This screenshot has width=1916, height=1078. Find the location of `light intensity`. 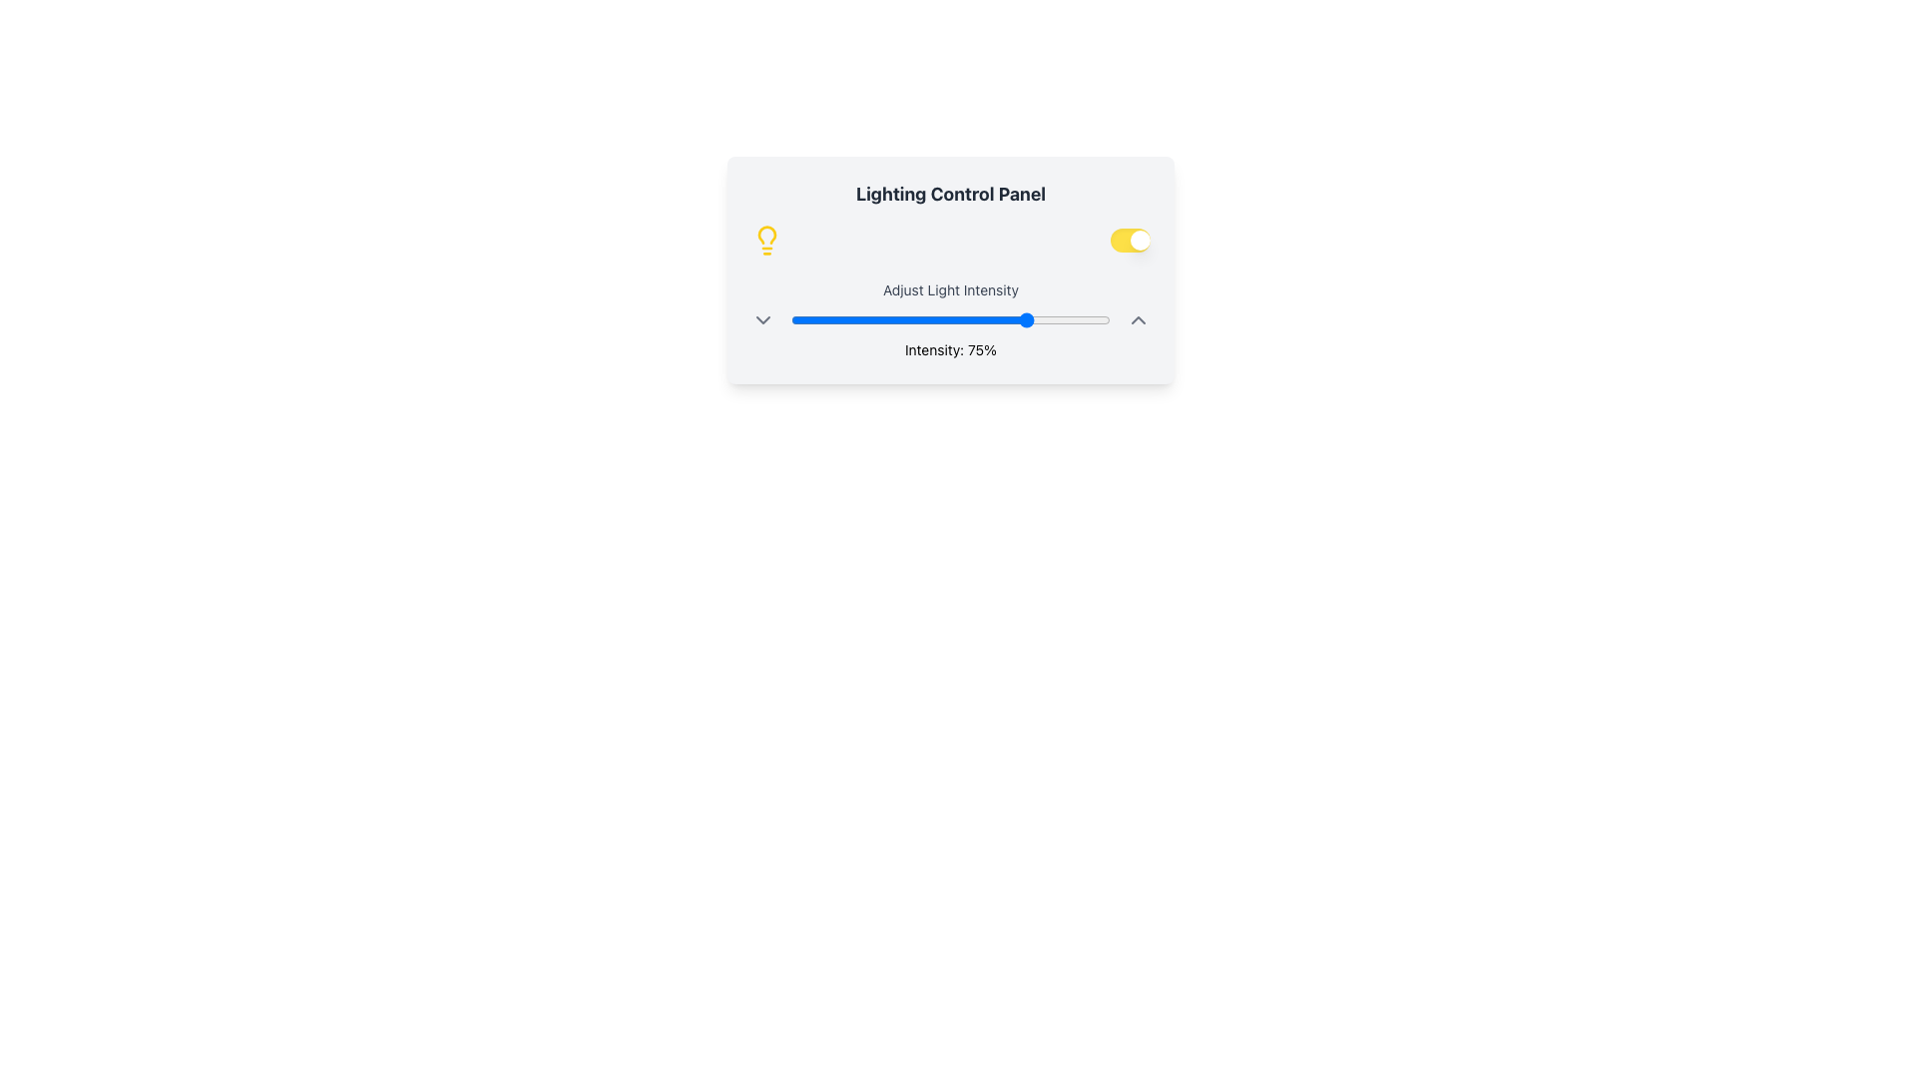

light intensity is located at coordinates (940, 318).